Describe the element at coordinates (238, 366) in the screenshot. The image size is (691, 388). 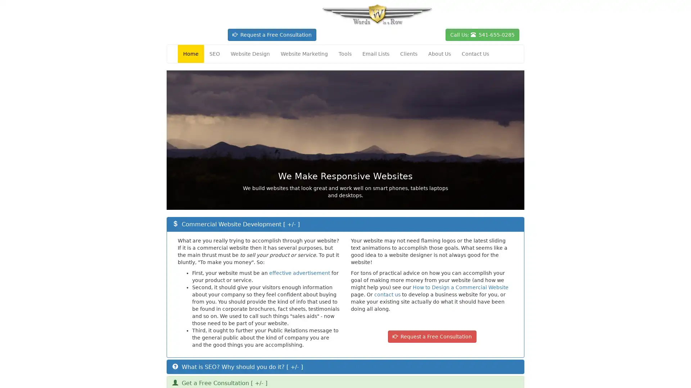
I see `What is SEO? Why should you do it? [ +/- ]` at that location.